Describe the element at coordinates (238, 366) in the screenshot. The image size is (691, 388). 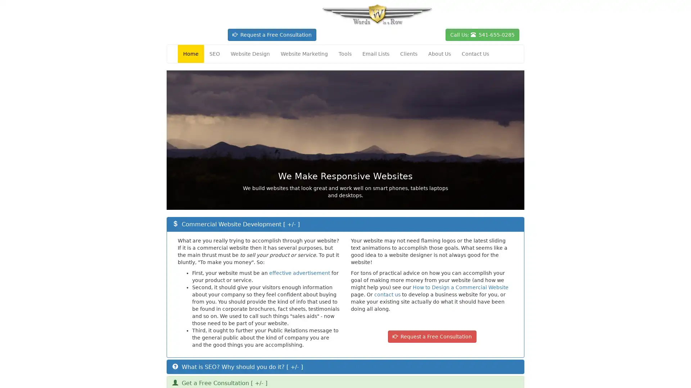
I see `What is SEO? Why should you do it? [ +/- ]` at that location.